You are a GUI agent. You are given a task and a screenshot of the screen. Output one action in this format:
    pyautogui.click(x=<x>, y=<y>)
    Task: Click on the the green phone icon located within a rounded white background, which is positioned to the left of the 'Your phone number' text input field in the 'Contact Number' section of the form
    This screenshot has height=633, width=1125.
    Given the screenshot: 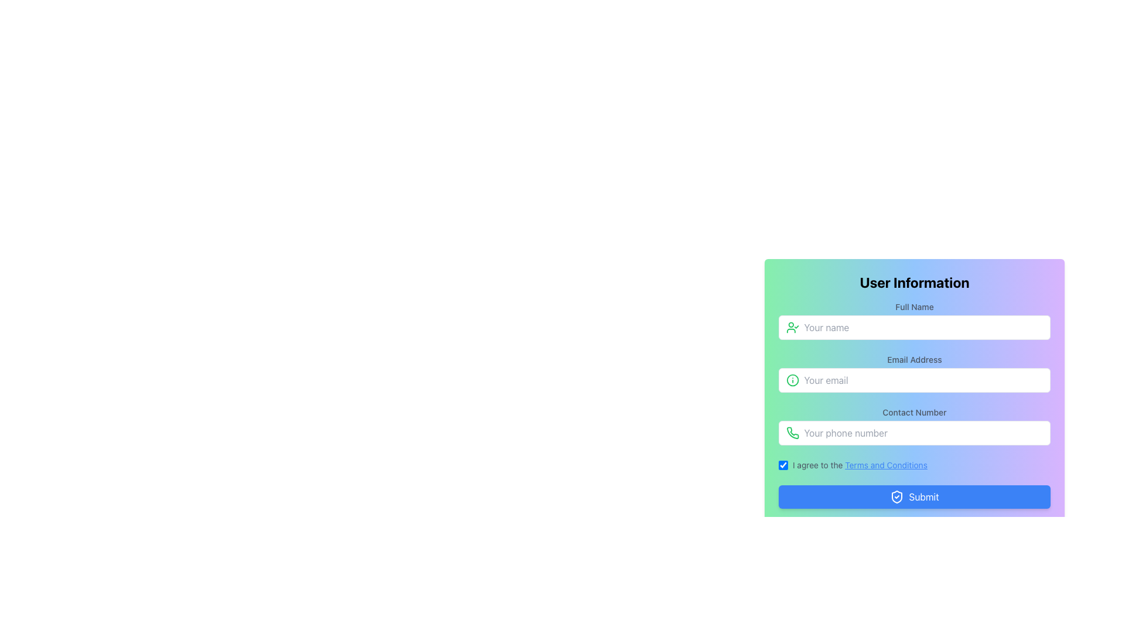 What is the action you would take?
    pyautogui.click(x=793, y=433)
    